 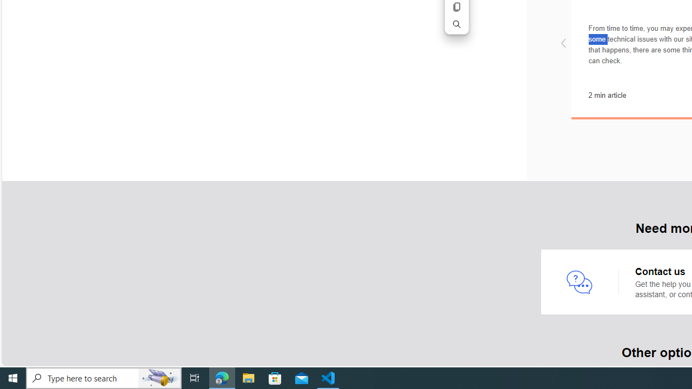 I want to click on 'Previous slide', so click(x=562, y=43).